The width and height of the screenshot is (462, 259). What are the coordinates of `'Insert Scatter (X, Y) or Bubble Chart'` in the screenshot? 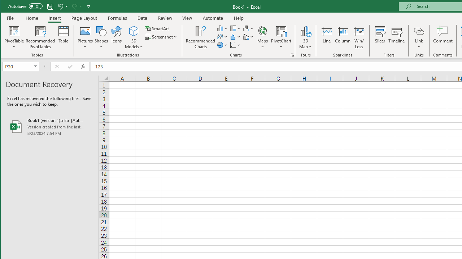 It's located at (235, 45).